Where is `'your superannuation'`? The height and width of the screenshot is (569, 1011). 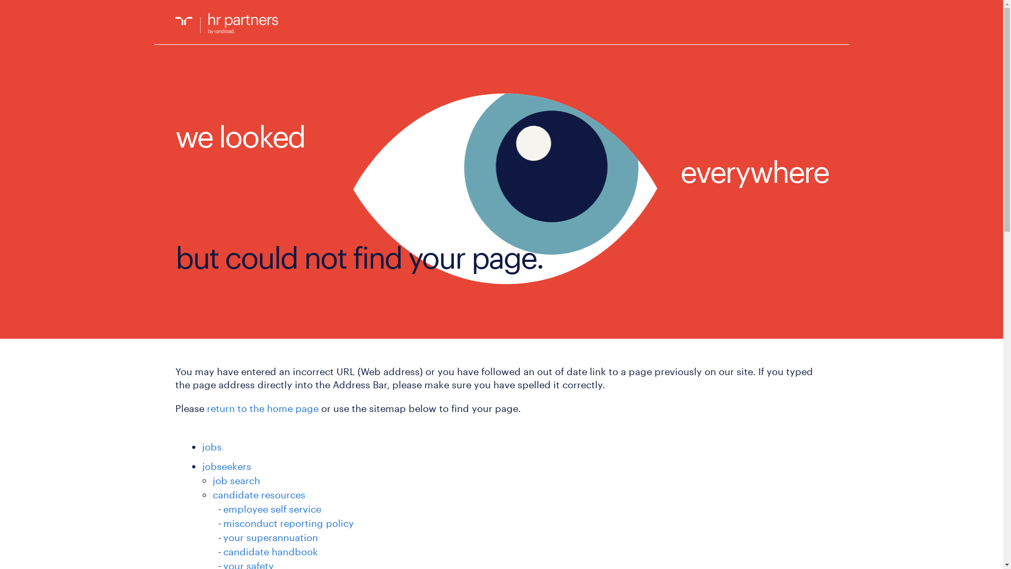
'your superannuation' is located at coordinates (270, 537).